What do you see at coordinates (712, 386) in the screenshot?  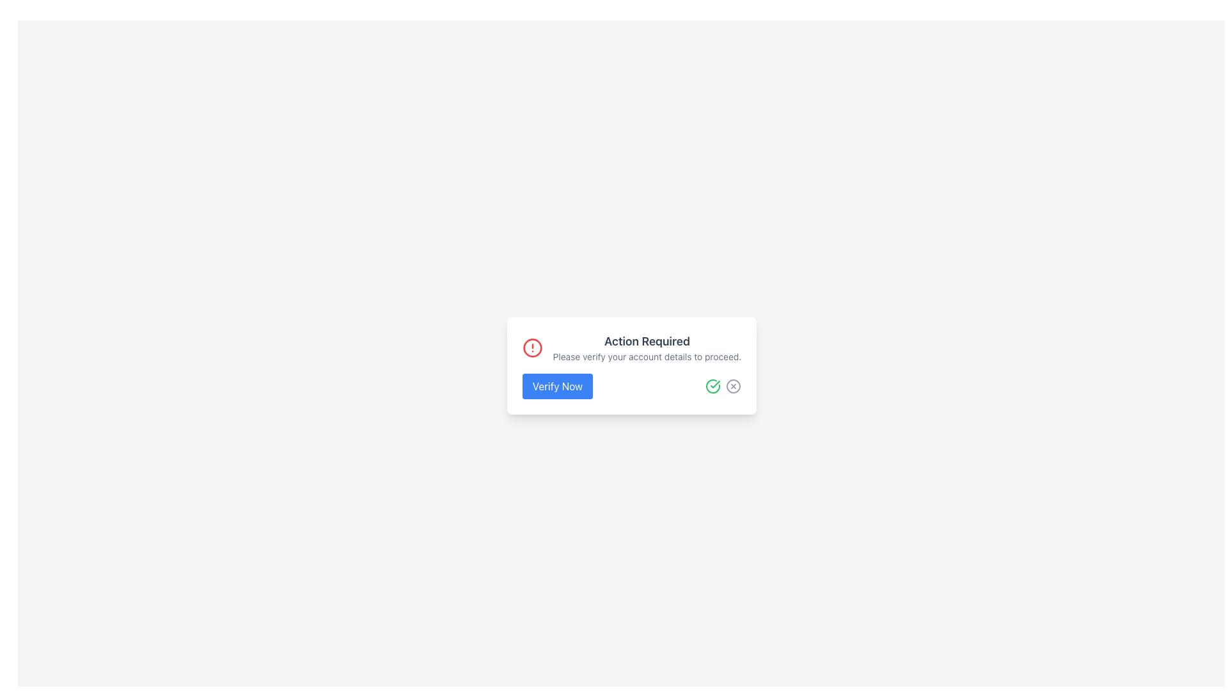 I see `the circular icon with a green checkmark inside it, located to the right of the text 'Action Required'. This icon is visually distinct due to its green outline, indicating a positive confirmation action` at bounding box center [712, 386].